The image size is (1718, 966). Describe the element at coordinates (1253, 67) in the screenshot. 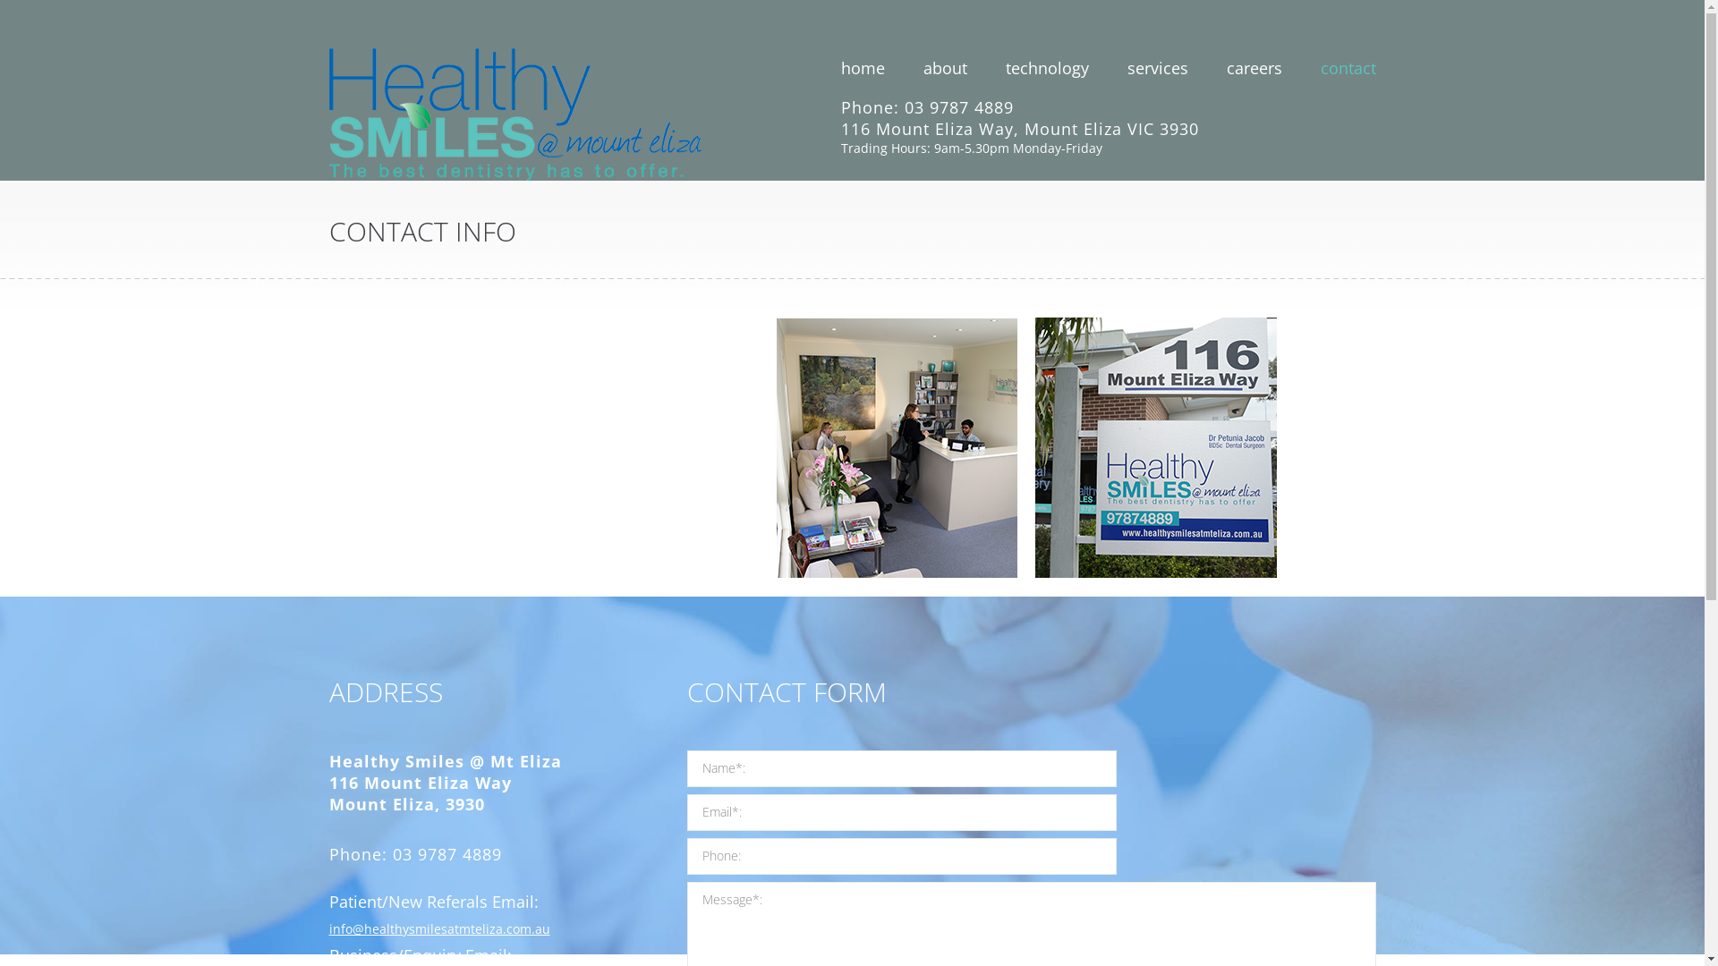

I see `'careers'` at that location.